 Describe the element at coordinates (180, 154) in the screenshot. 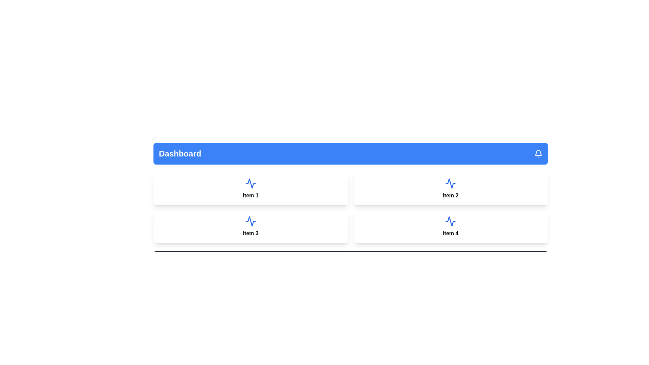

I see `the text label or title element in the header section` at that location.